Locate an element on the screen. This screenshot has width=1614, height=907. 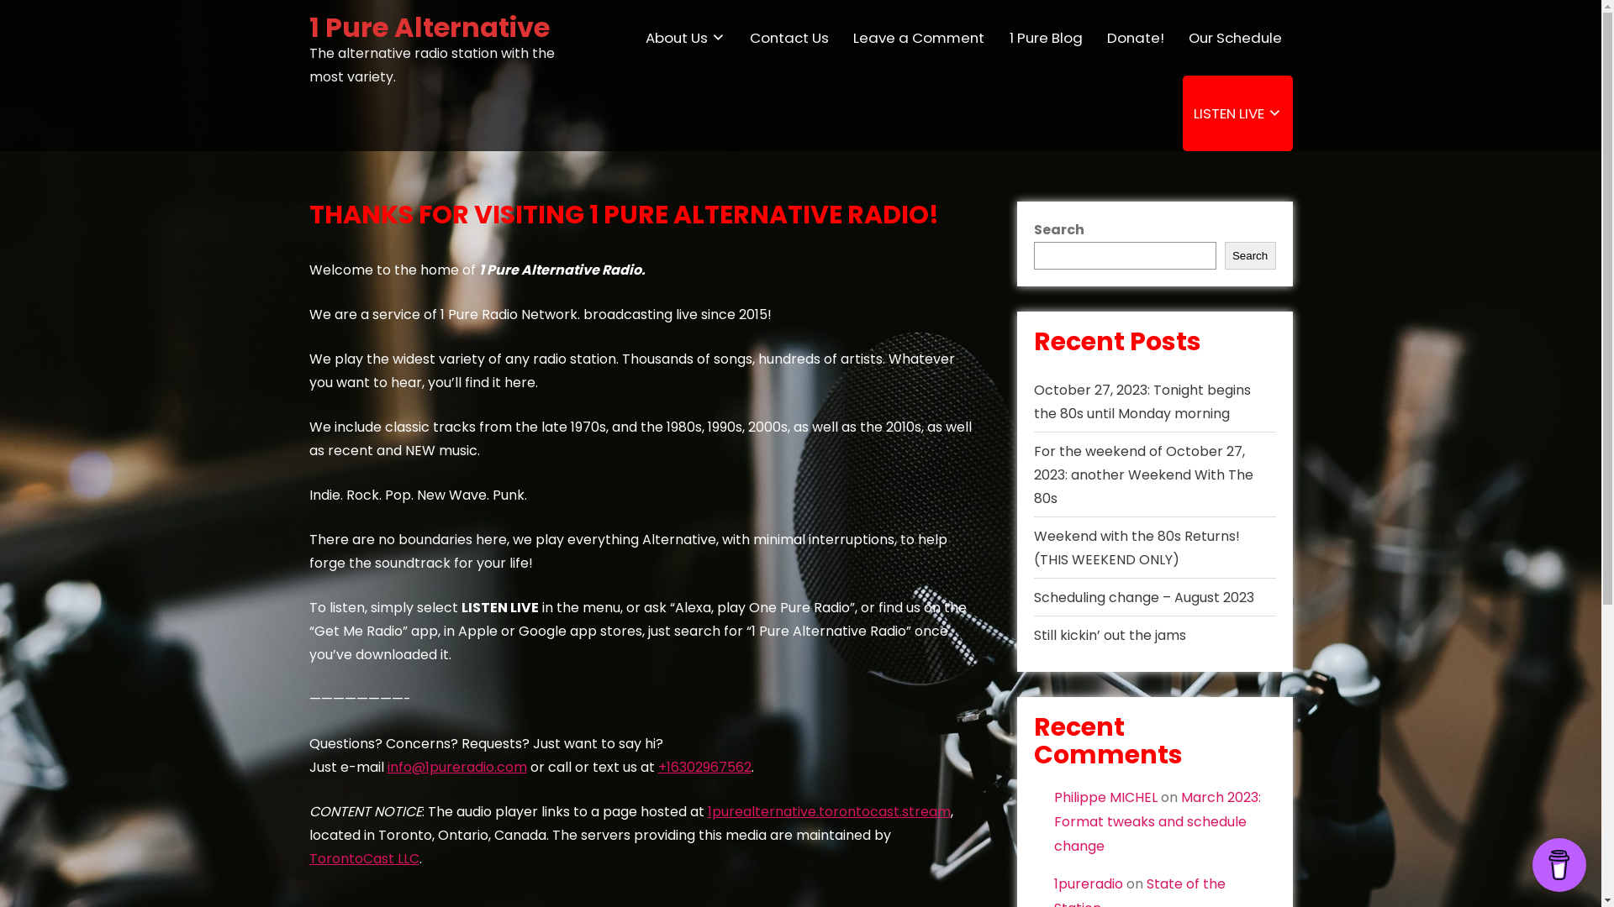
'Contact Us' is located at coordinates (789, 38).